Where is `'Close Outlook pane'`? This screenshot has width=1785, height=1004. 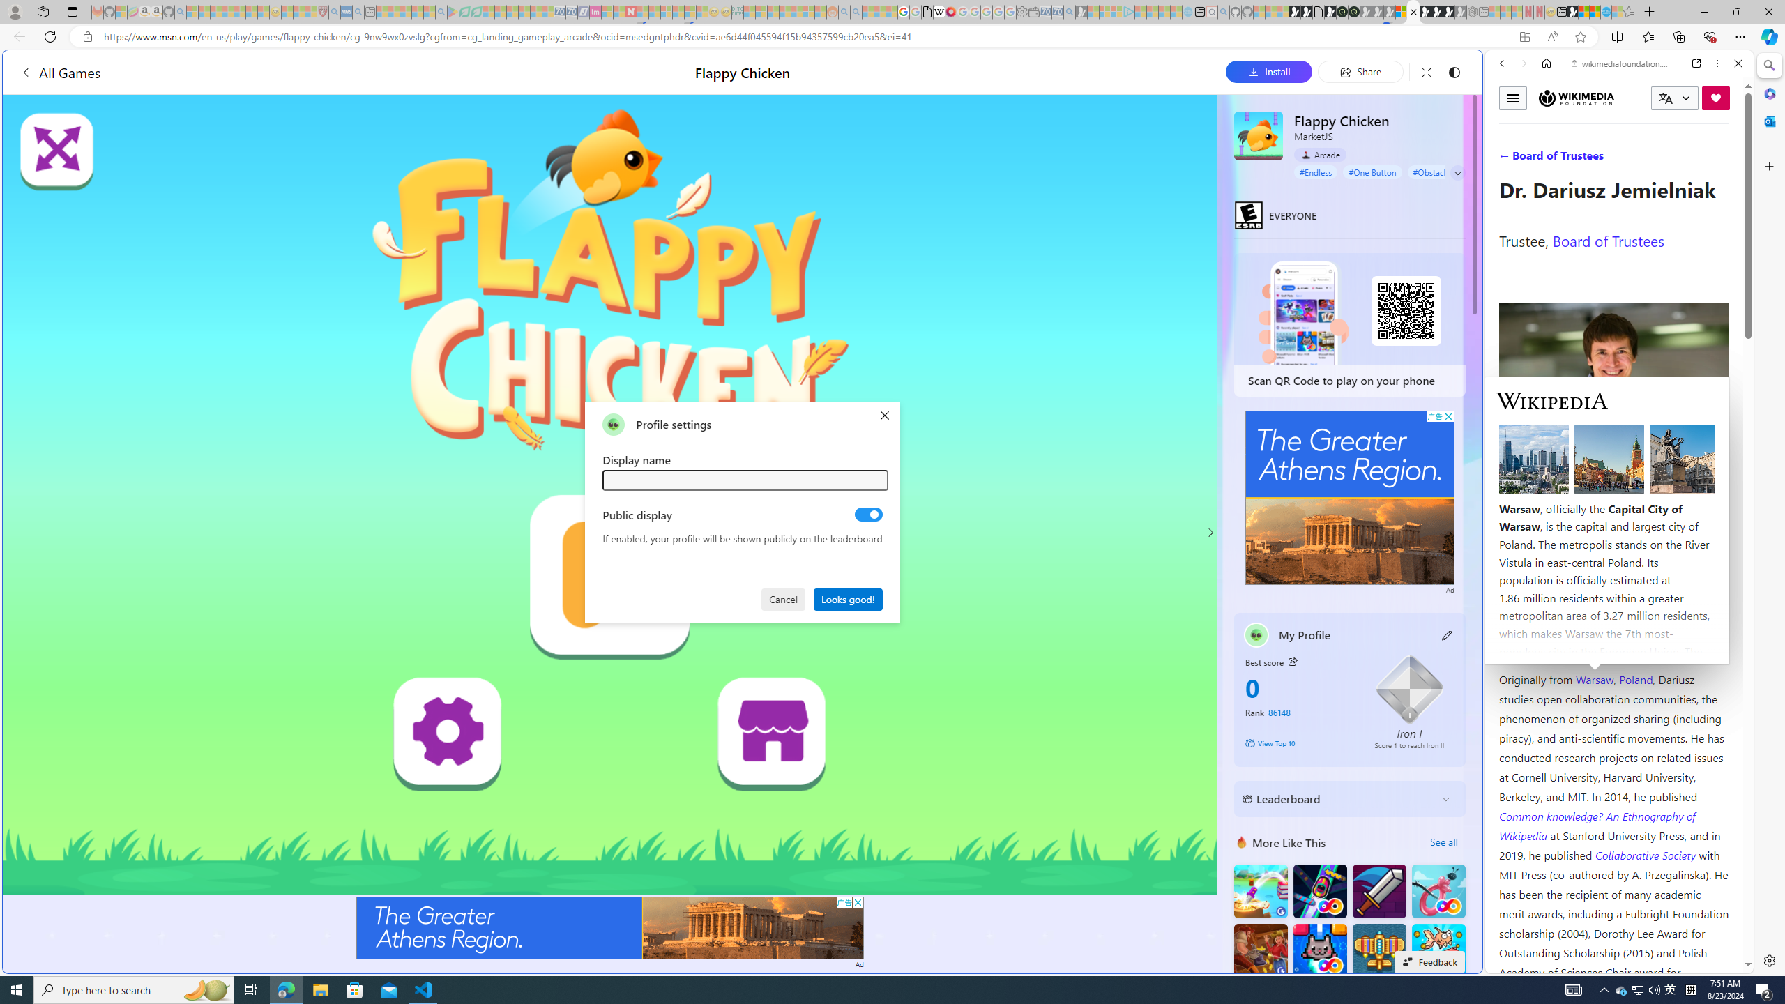 'Close Outlook pane' is located at coordinates (1768, 120).